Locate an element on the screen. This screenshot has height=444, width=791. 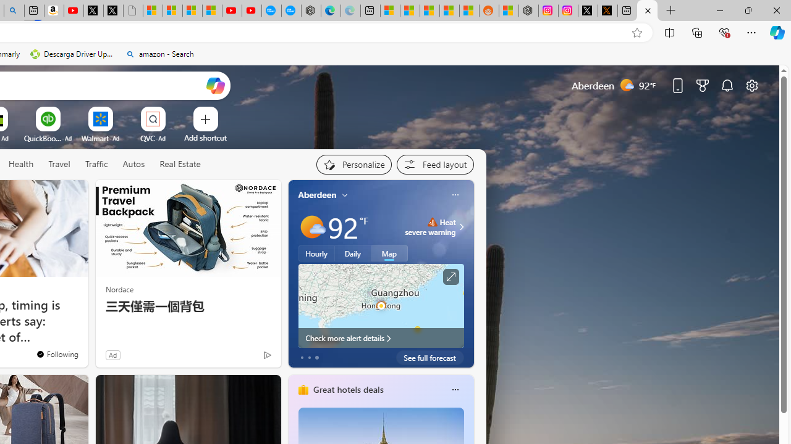
'Add a site' is located at coordinates (205, 138).